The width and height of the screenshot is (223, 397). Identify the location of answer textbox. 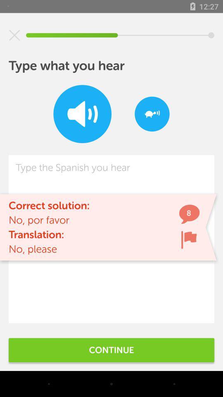
(111, 239).